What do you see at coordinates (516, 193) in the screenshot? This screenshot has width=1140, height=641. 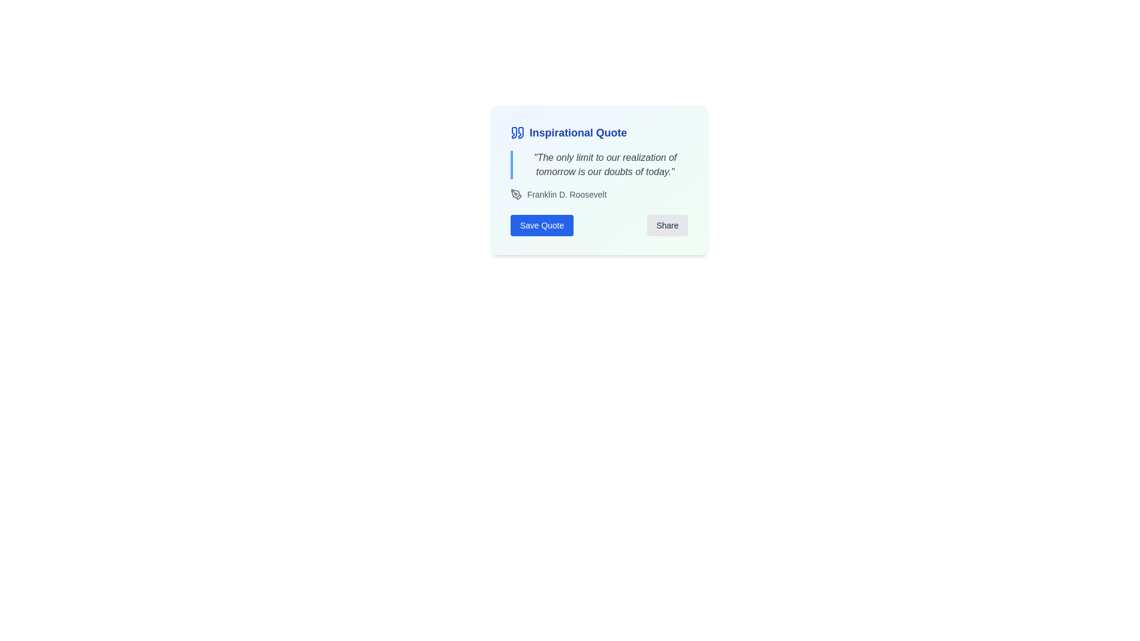 I see `the pen tool icon, which is an outlined vector graphic styled with gray strokes, positioned to the left of the text 'Franklin D. Roosevelt'` at bounding box center [516, 193].